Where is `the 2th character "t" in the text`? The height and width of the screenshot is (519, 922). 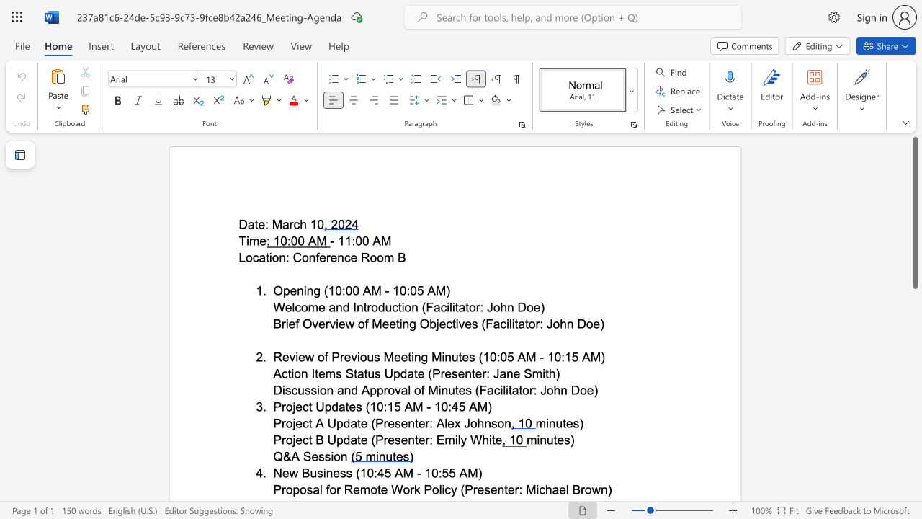
the 2th character "t" in the text is located at coordinates (347, 407).